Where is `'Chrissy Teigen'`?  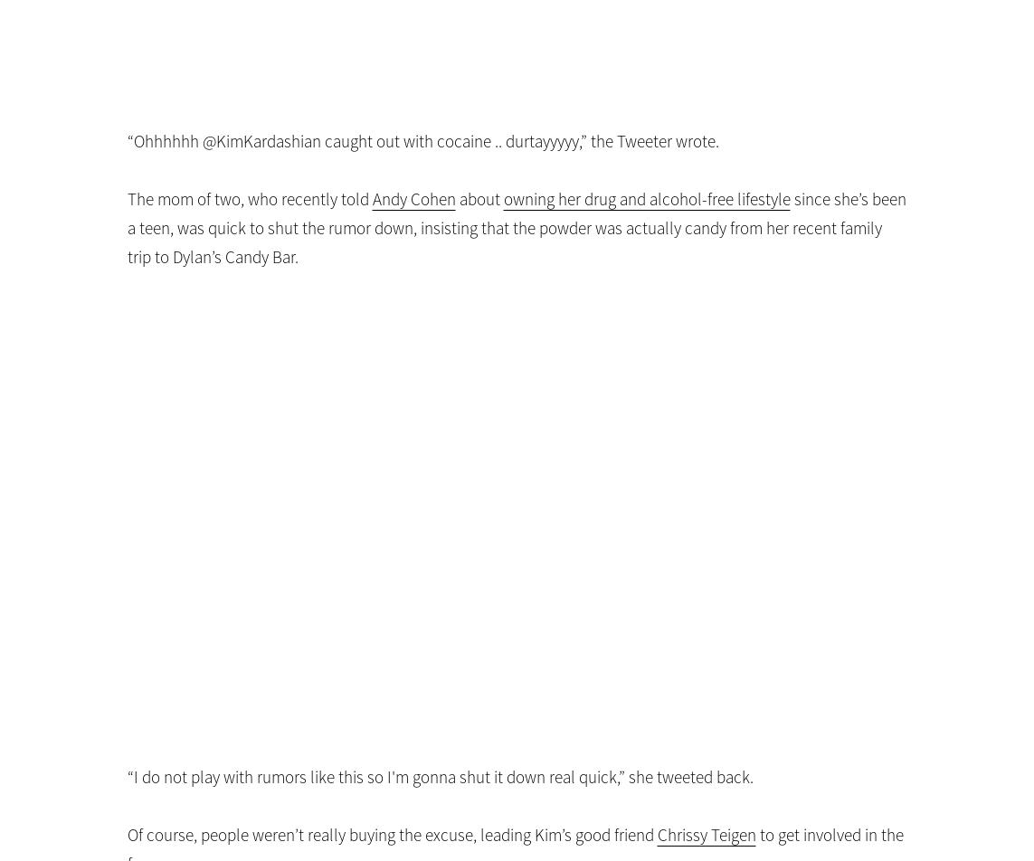
'Chrissy Teigen' is located at coordinates (657, 834).